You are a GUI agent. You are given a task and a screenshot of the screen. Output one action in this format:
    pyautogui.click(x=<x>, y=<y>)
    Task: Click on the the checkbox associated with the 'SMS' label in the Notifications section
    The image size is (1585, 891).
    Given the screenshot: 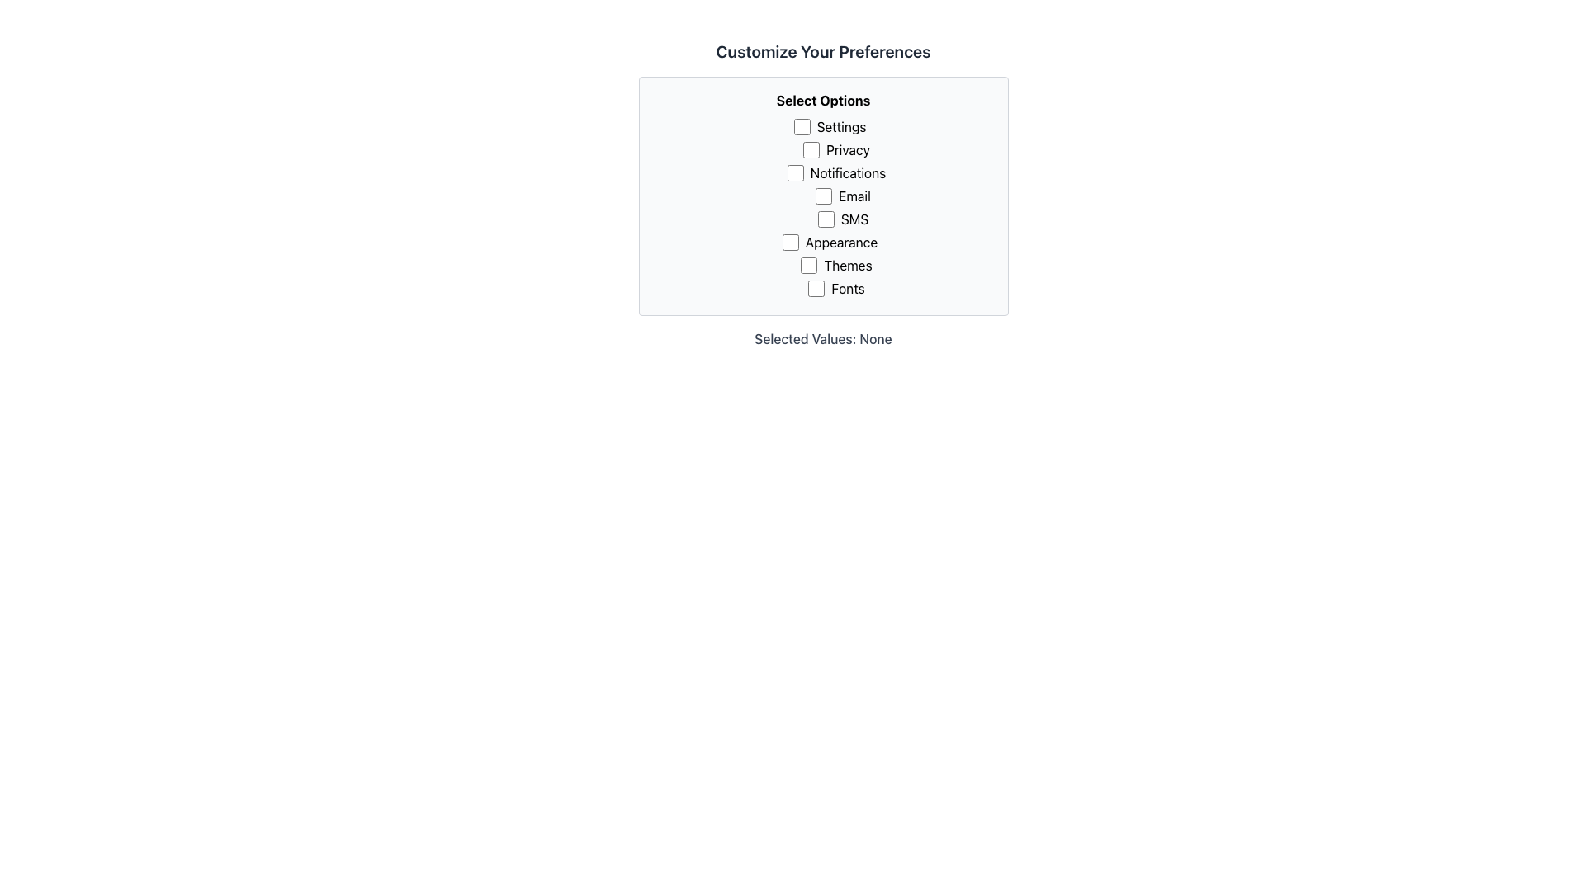 What is the action you would take?
    pyautogui.click(x=843, y=219)
    